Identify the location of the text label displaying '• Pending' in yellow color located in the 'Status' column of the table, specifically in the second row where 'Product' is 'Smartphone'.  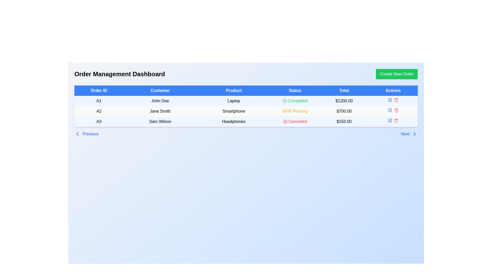
(295, 111).